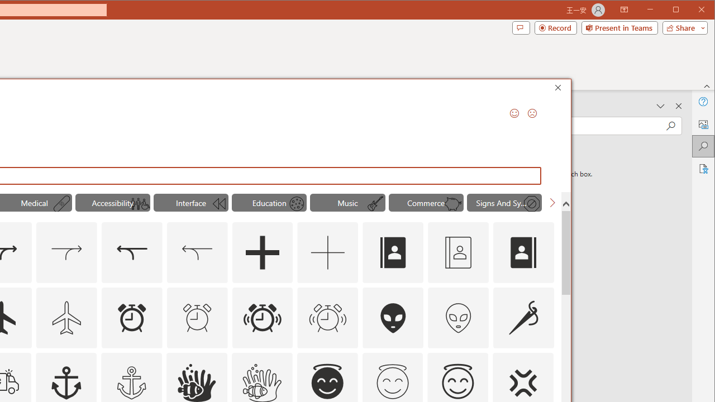 Image resolution: width=715 pixels, height=402 pixels. I want to click on '"Education" Icons.', so click(269, 202).